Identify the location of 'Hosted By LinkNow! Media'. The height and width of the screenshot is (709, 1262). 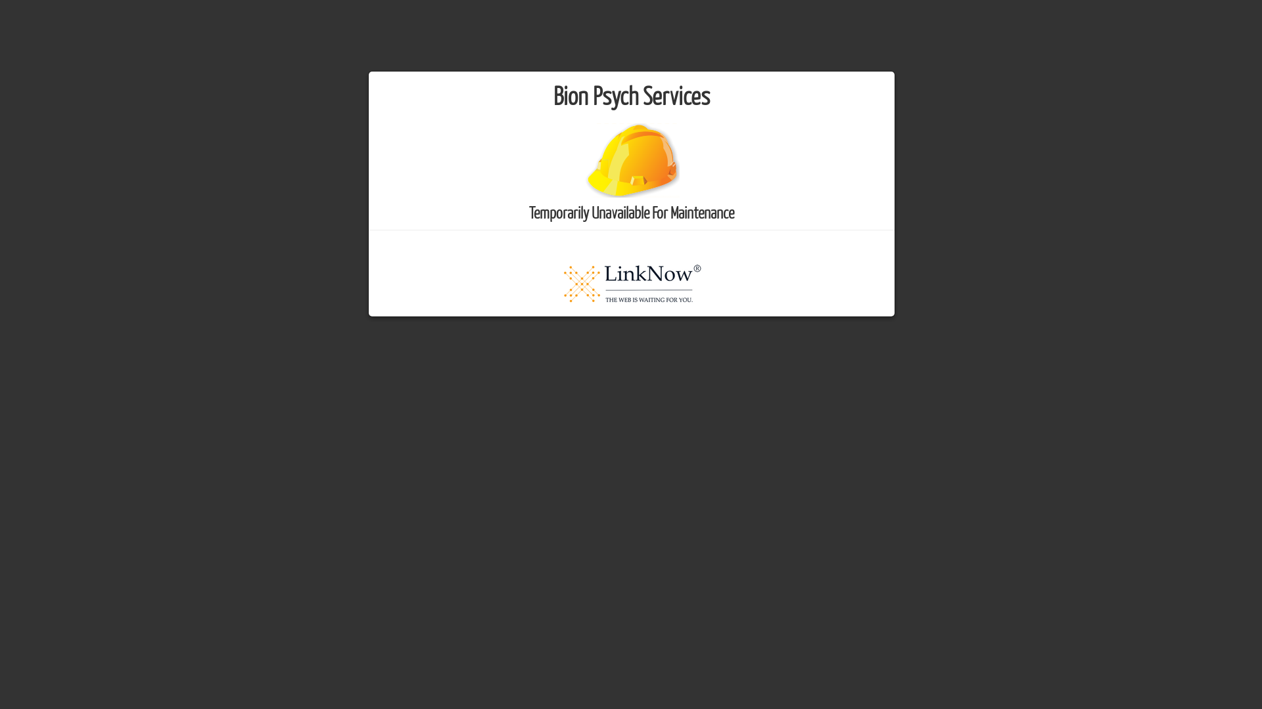
(631, 282).